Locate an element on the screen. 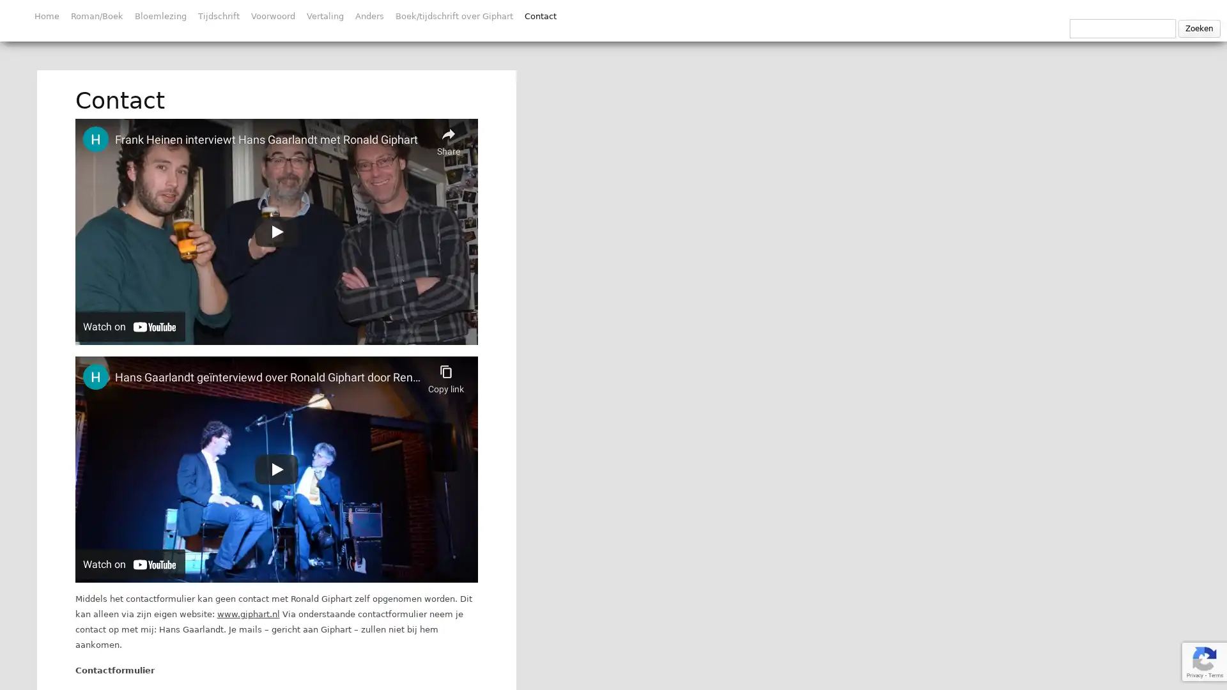 The image size is (1227, 690). Zoeken is located at coordinates (1198, 29).